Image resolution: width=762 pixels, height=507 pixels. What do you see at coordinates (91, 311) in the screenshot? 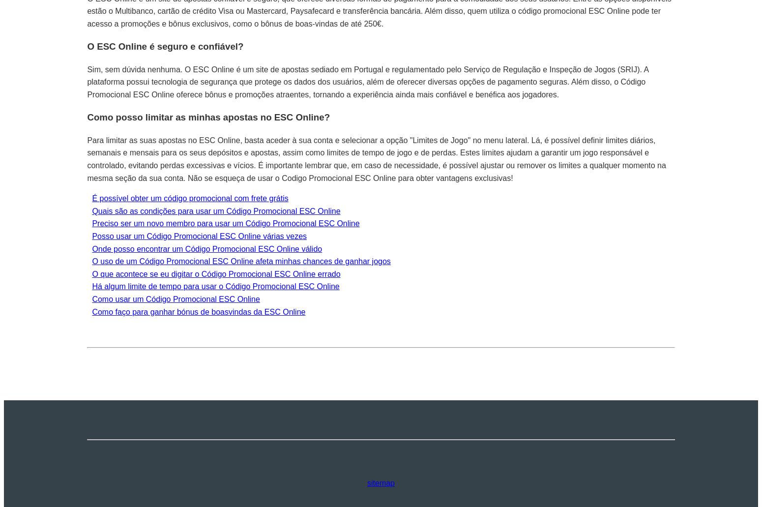
I see `'Como faço para ganhar bónus de boasvindas da ESC Online'` at bounding box center [91, 311].